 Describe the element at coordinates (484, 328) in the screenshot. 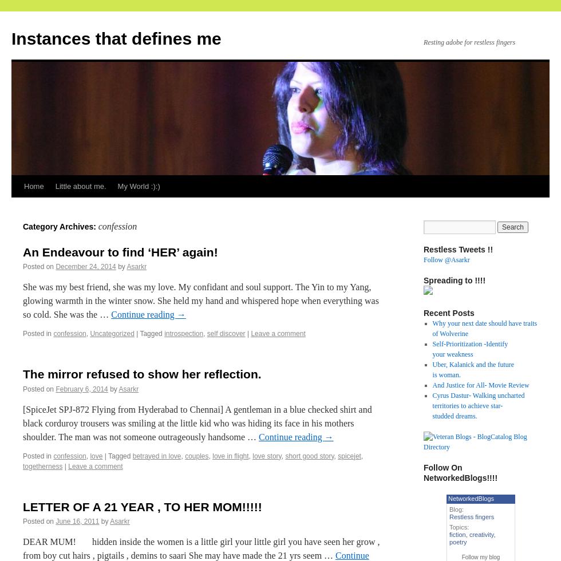

I see `'Why your next date should have traits of Wolverine'` at that location.